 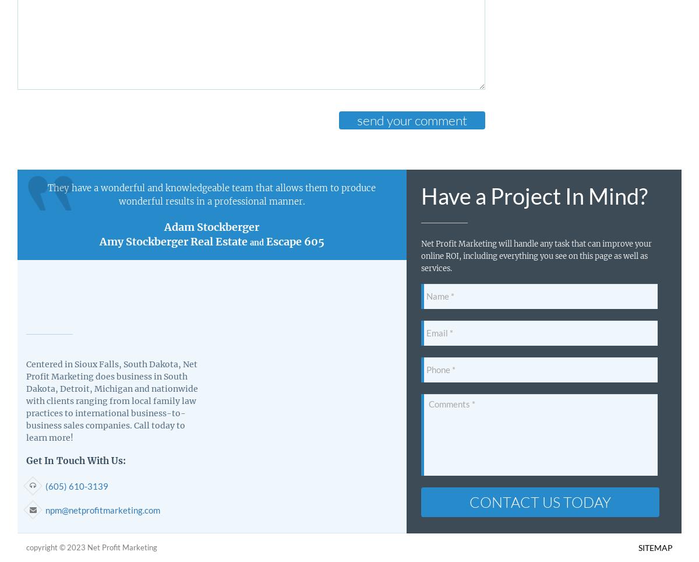 What do you see at coordinates (76, 460) in the screenshot?
I see `'Get In Touch With Us:'` at bounding box center [76, 460].